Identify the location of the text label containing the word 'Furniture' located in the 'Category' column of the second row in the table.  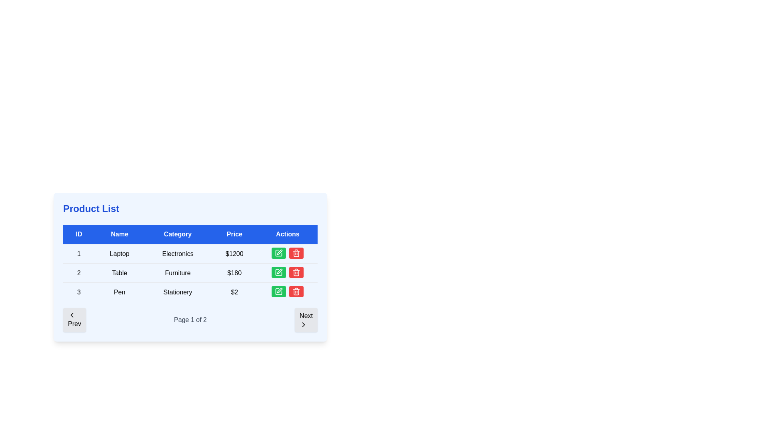
(177, 272).